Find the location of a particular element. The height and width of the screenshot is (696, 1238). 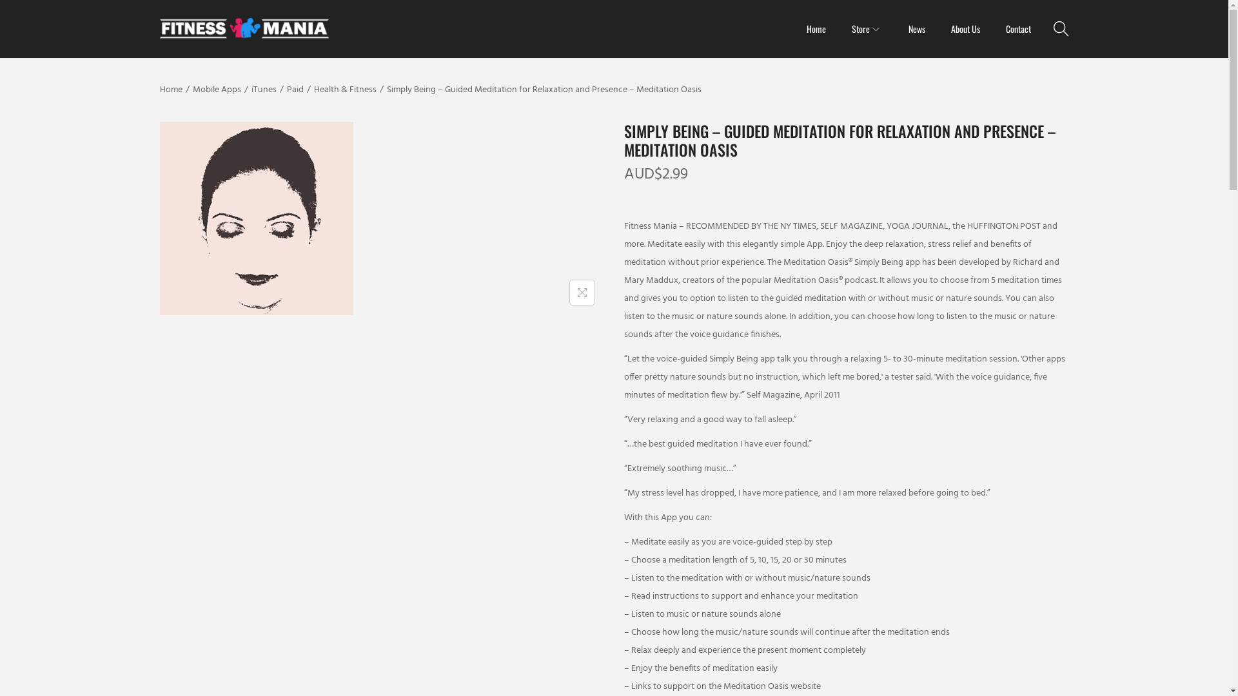

'Mobile Apps' is located at coordinates (216, 89).